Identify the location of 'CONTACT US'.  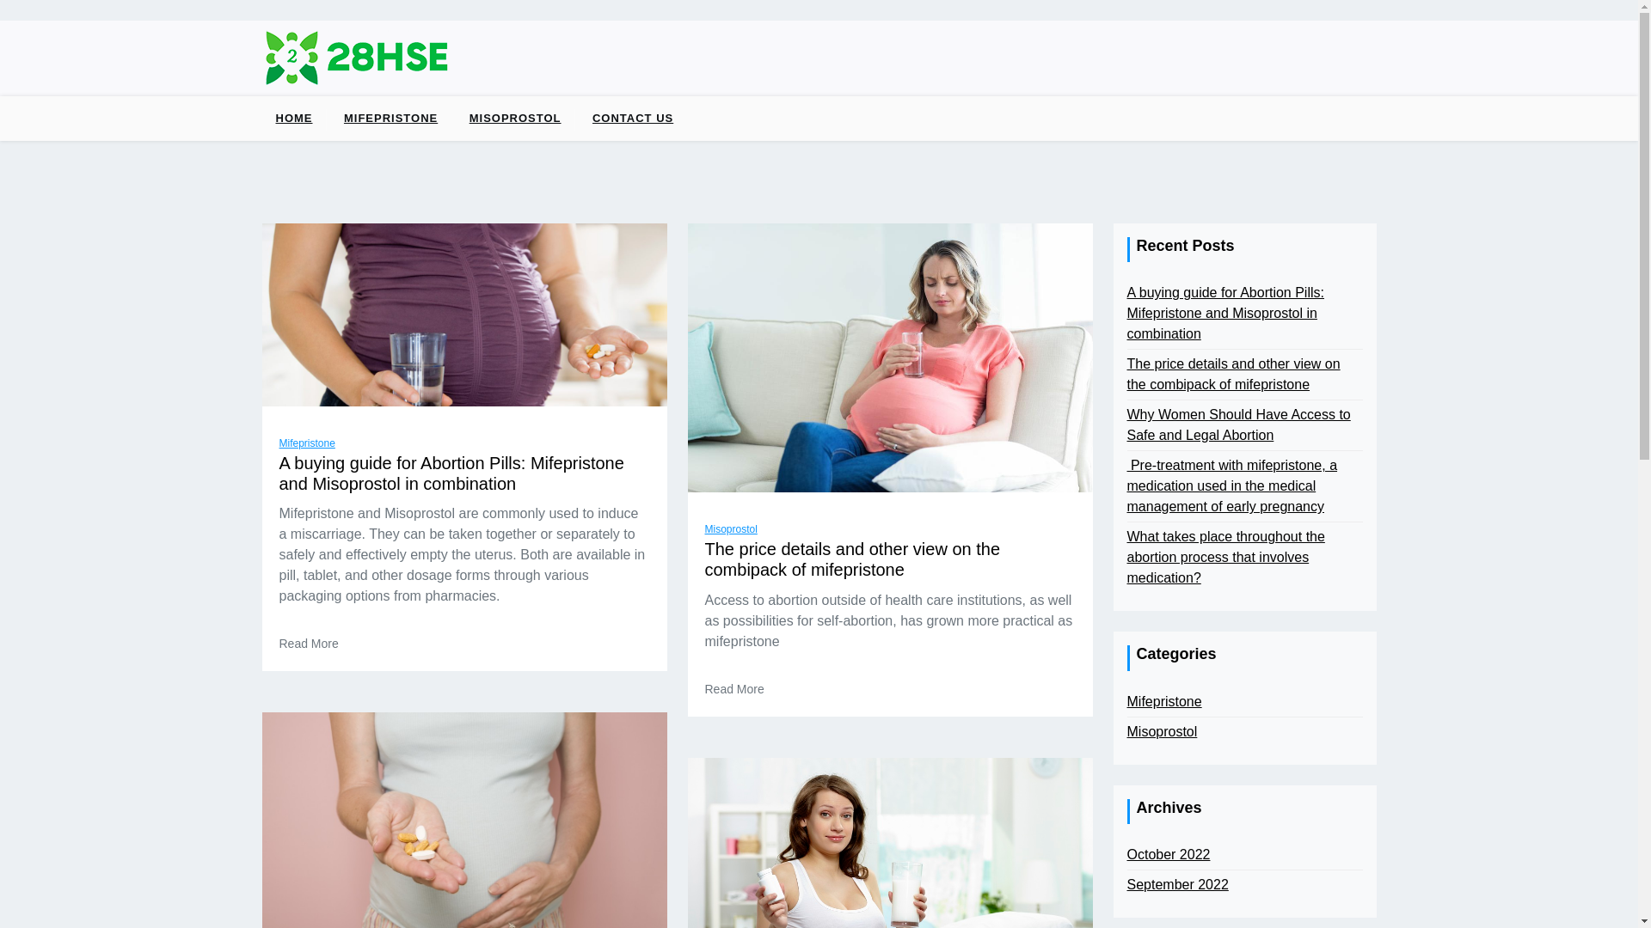
(631, 118).